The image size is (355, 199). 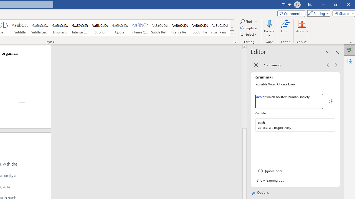 What do you see at coordinates (140, 28) in the screenshot?
I see `'Intense Quote'` at bounding box center [140, 28].